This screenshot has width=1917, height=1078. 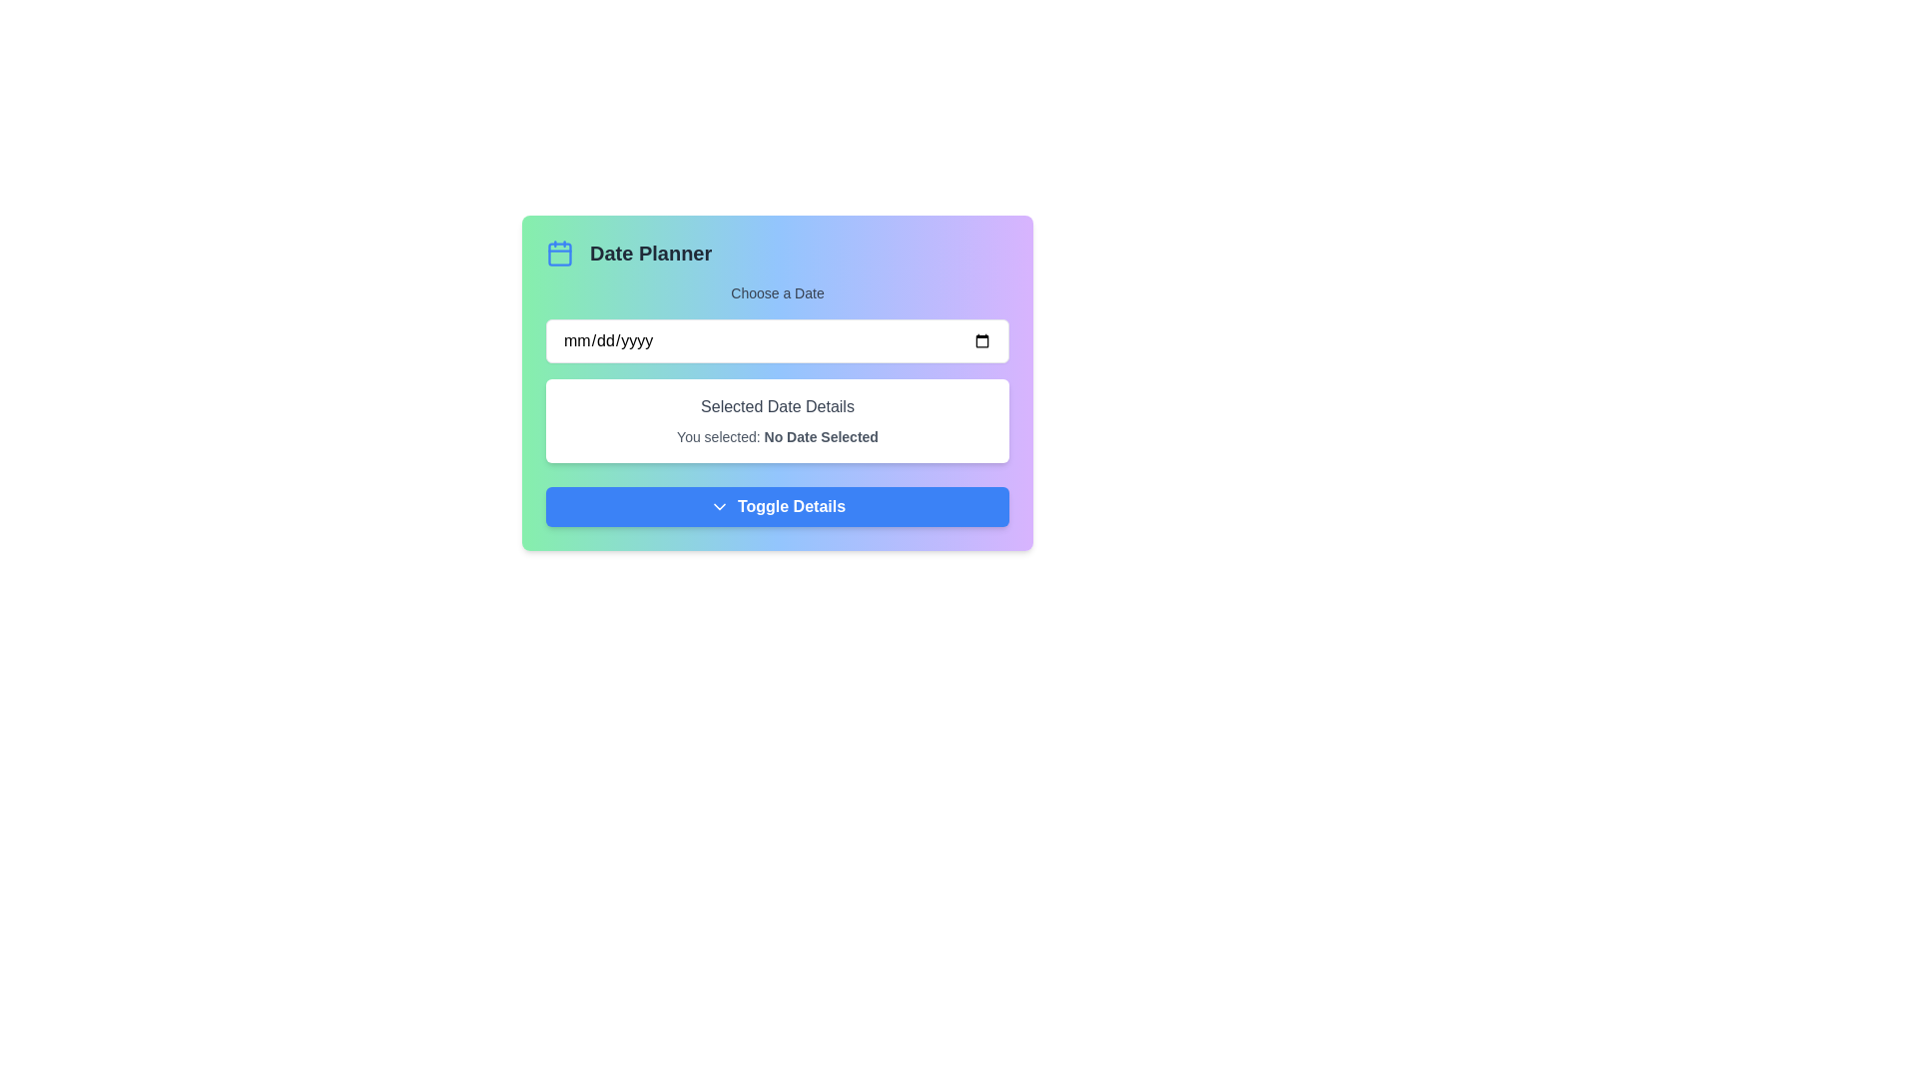 I want to click on the downward-pointing chevron icon, which is white against a blue background, located within the 'Toggle Details' button at the bottom of the Date Planner widget, so click(x=719, y=506).